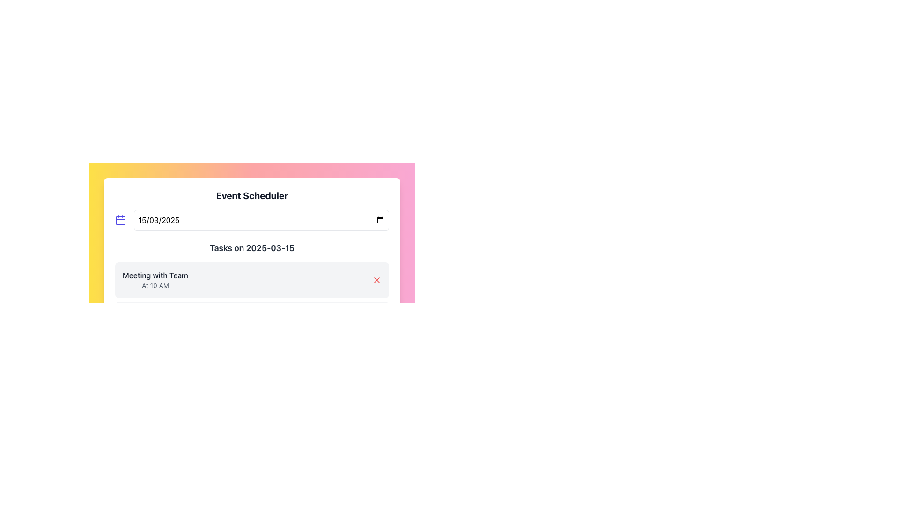 This screenshot has height=506, width=899. I want to click on the task entry component for 'Meeting with Team', so click(252, 289).